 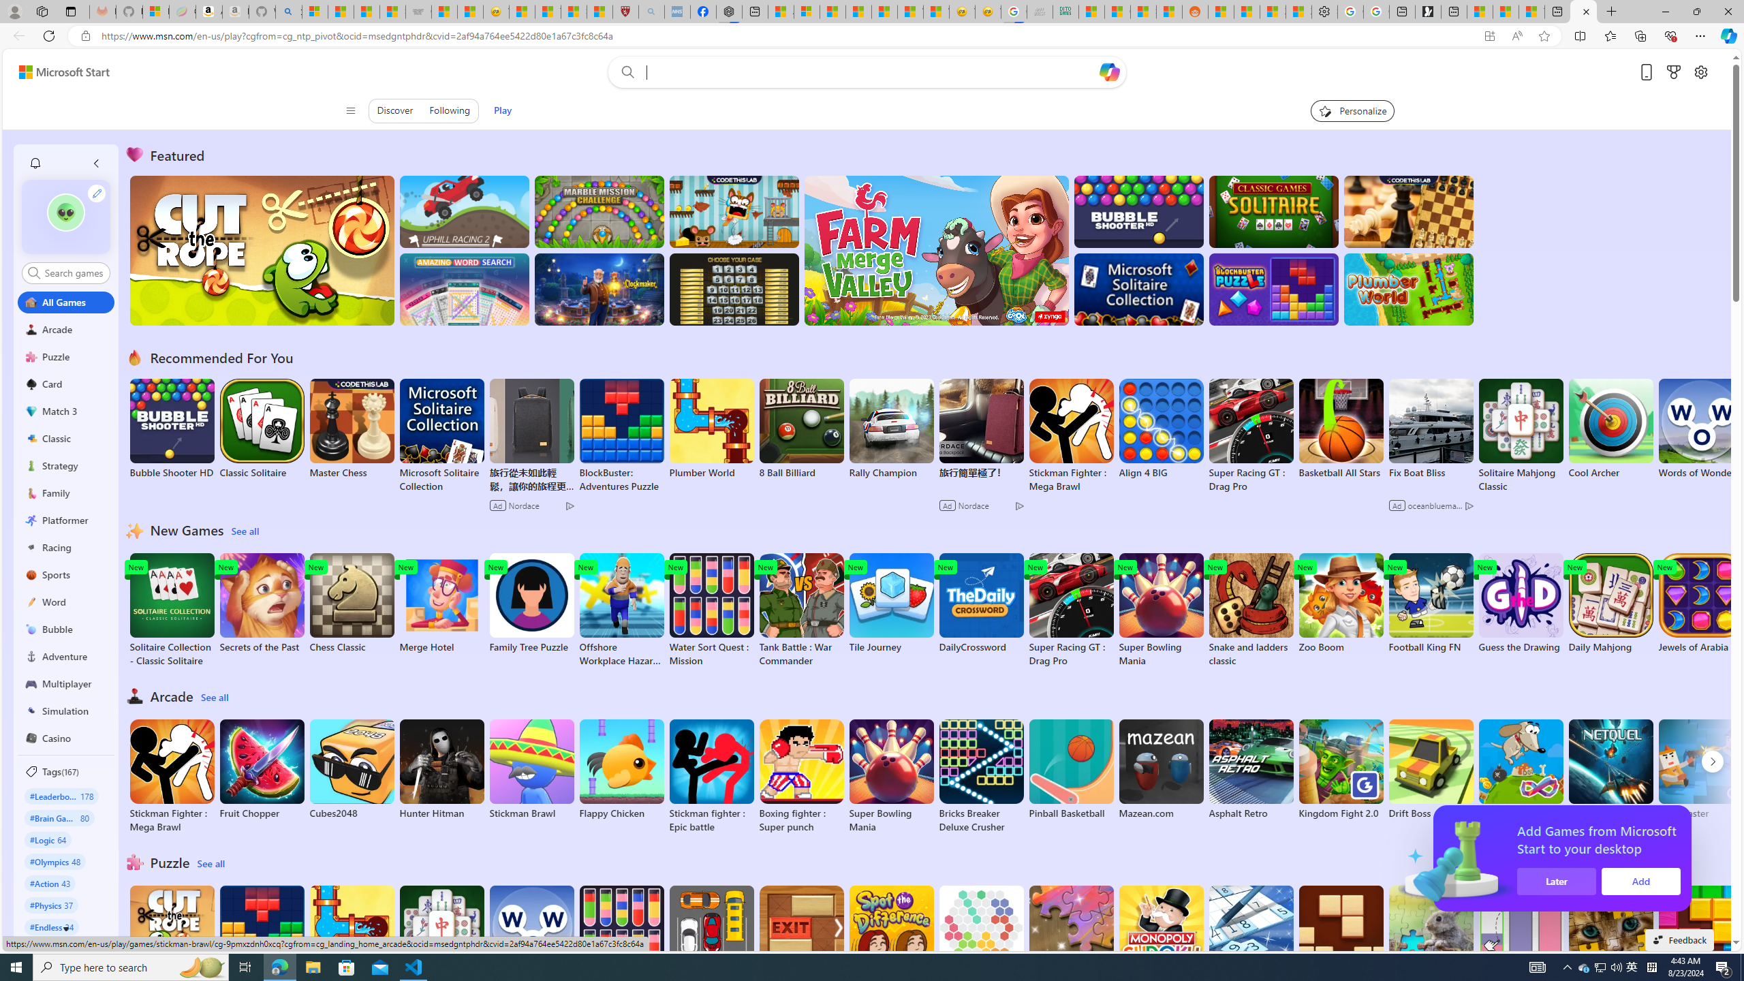 I want to click on 'Amazing Word Search', so click(x=464, y=289).